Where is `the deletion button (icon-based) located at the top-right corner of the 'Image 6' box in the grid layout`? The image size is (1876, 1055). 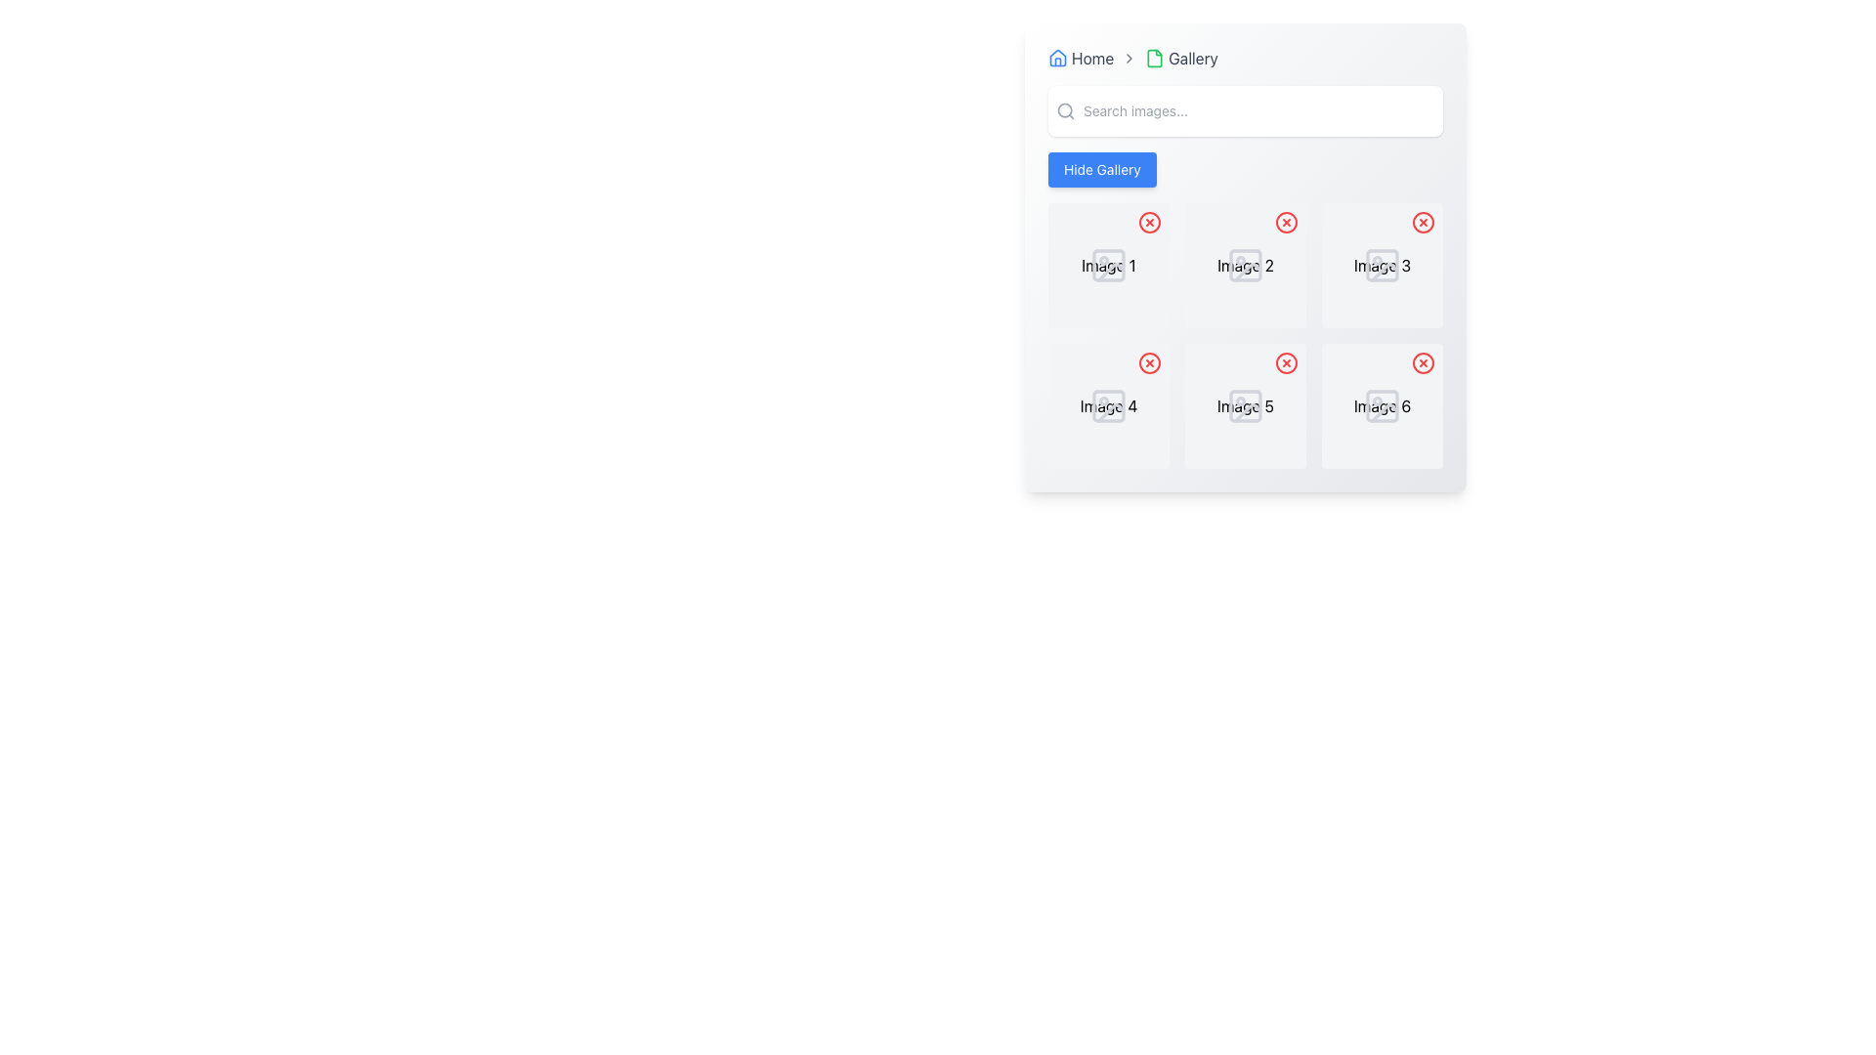 the deletion button (icon-based) located at the top-right corner of the 'Image 6' box in the grid layout is located at coordinates (1424, 362).